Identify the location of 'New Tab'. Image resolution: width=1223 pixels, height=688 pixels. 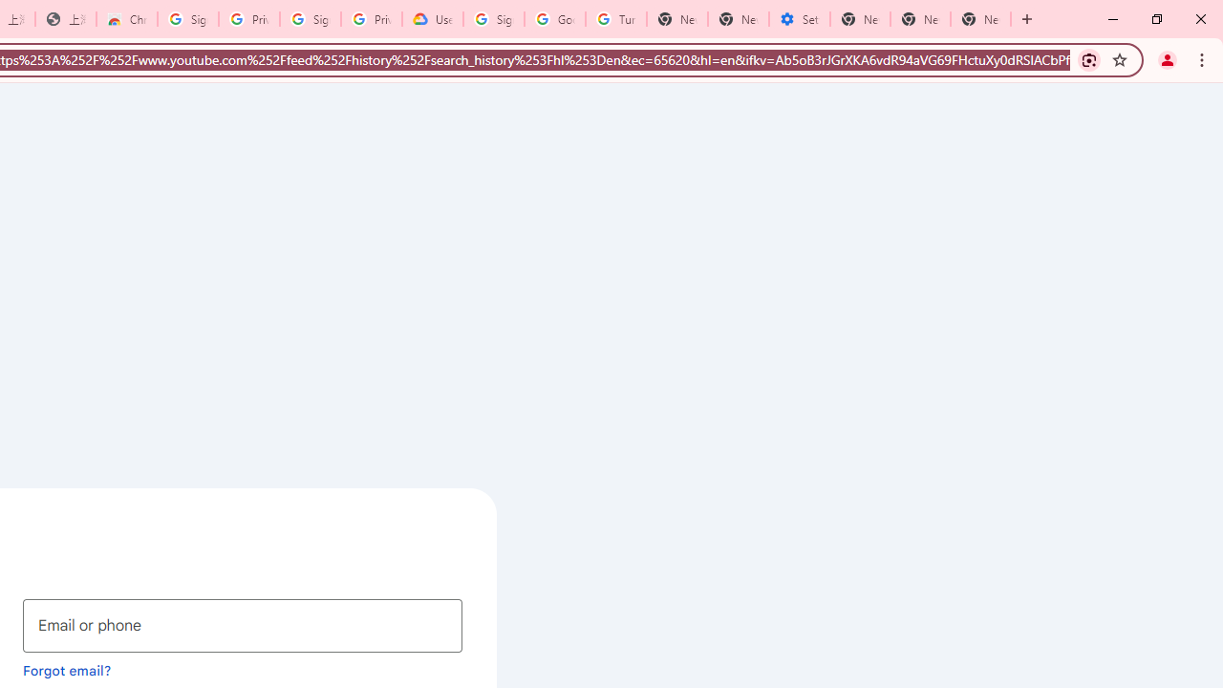
(980, 19).